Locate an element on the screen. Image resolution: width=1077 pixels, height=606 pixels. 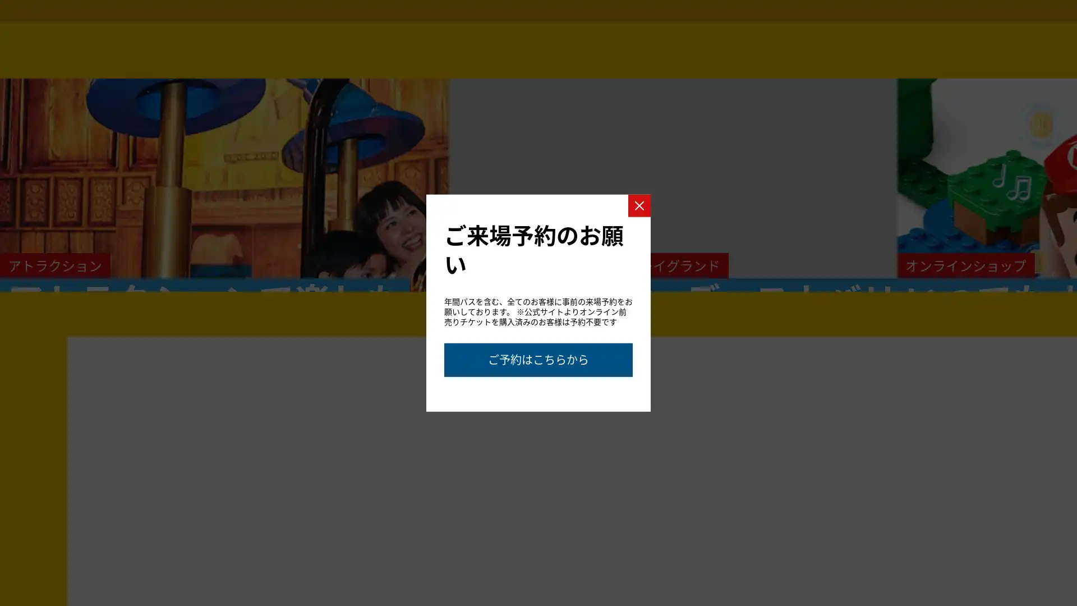
Go to slide 1 is located at coordinates (524, 434).